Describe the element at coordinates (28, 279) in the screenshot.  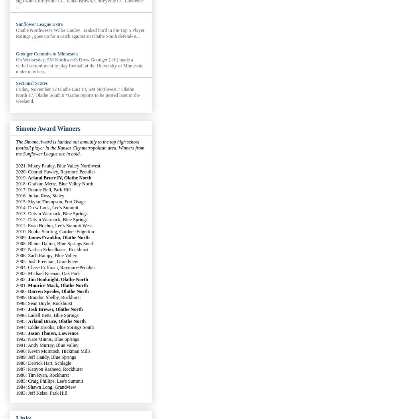
I see `'Jim Bouknight, Olathe North'` at that location.